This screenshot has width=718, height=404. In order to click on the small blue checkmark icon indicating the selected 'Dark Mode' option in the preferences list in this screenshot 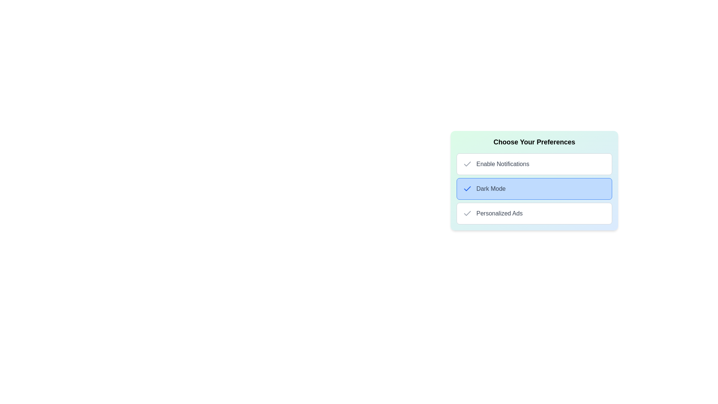, I will do `click(467, 188)`.